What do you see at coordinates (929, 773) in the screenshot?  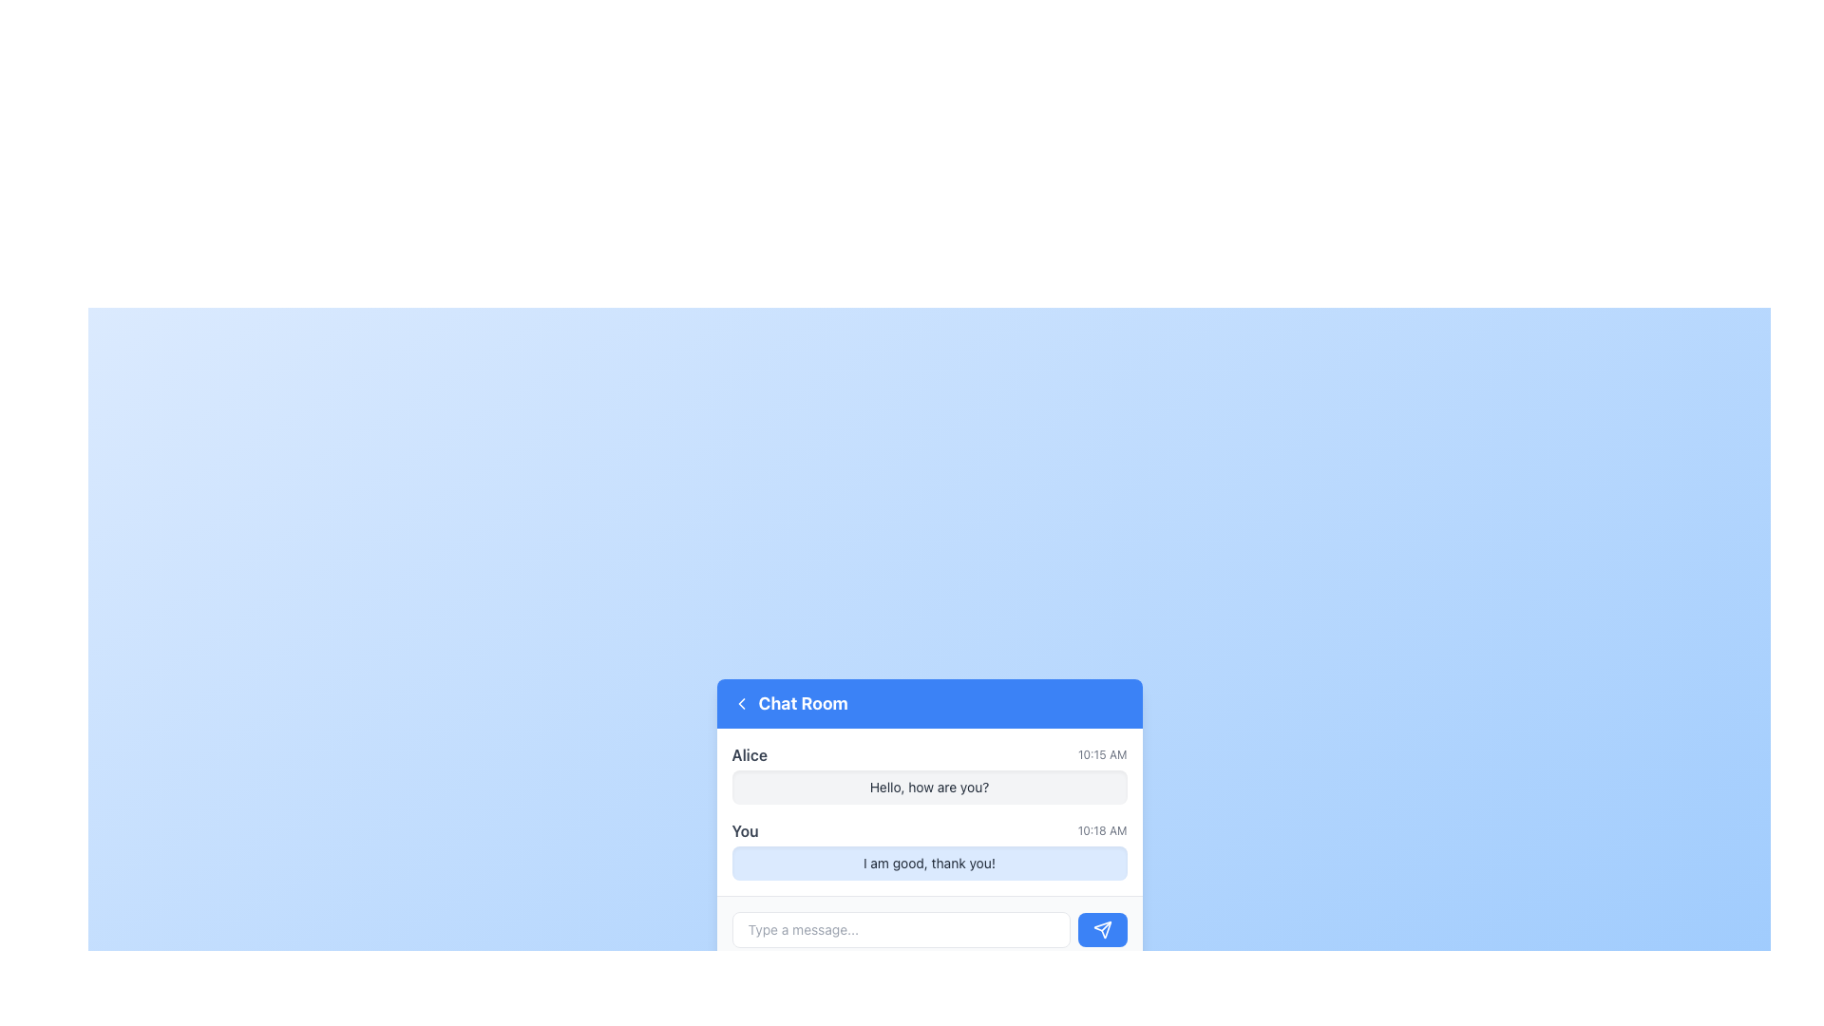 I see `the first chat message display containing Alice's name and the message 'Hello, how are you?'` at bounding box center [929, 773].